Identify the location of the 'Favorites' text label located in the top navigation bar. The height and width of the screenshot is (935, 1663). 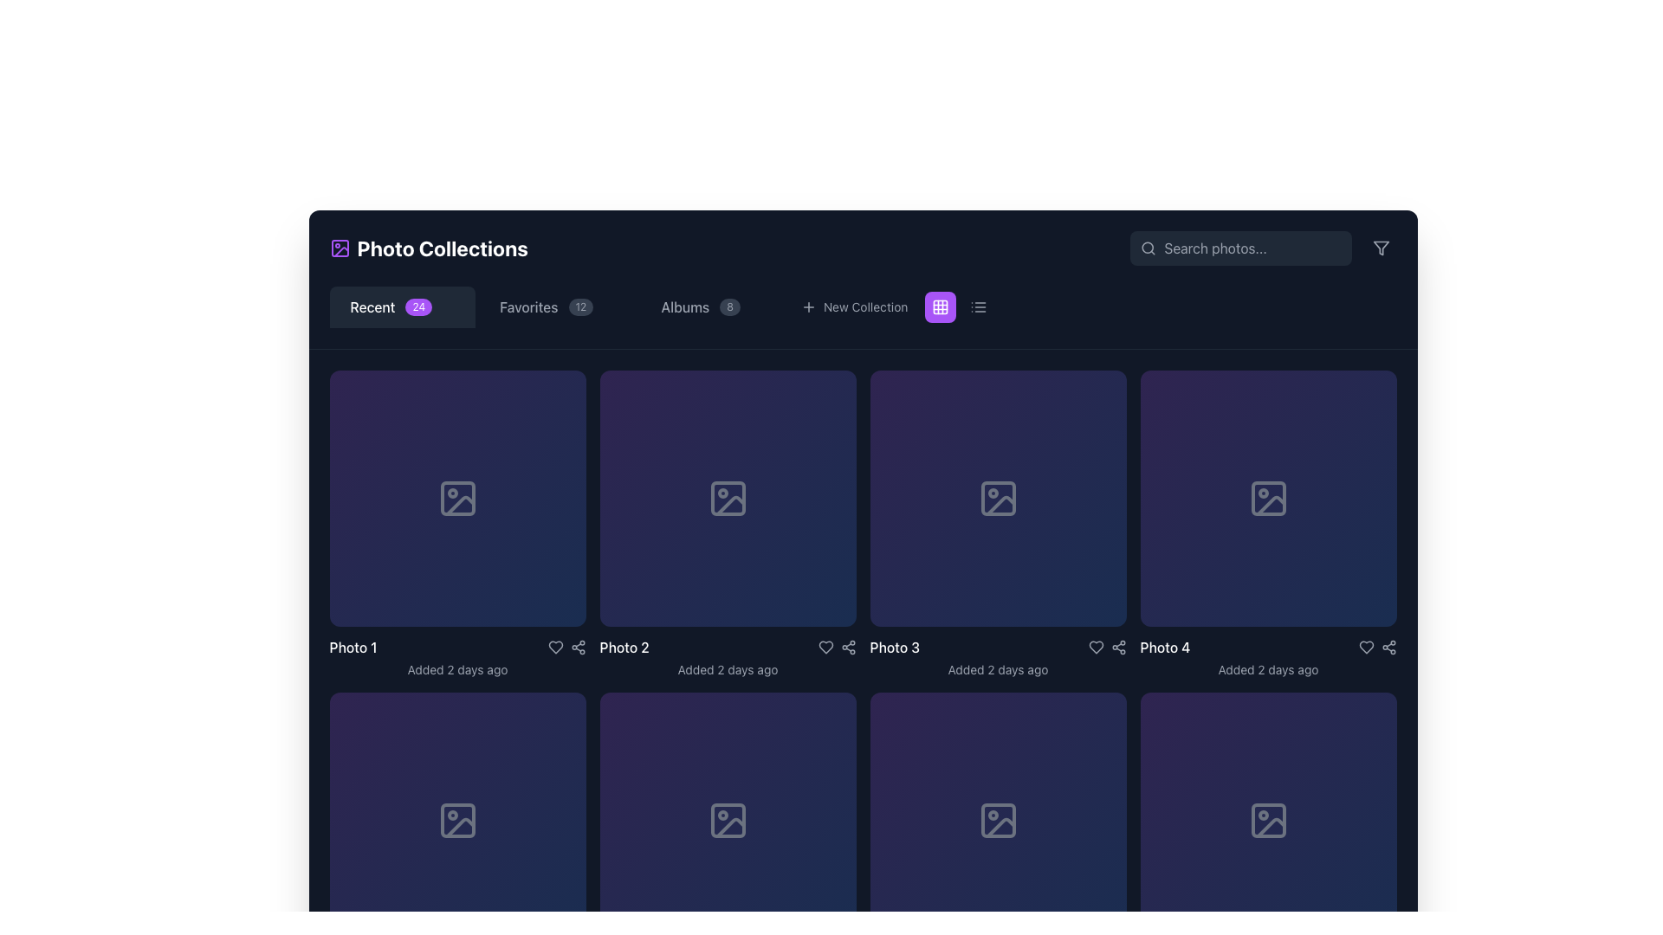
(527, 306).